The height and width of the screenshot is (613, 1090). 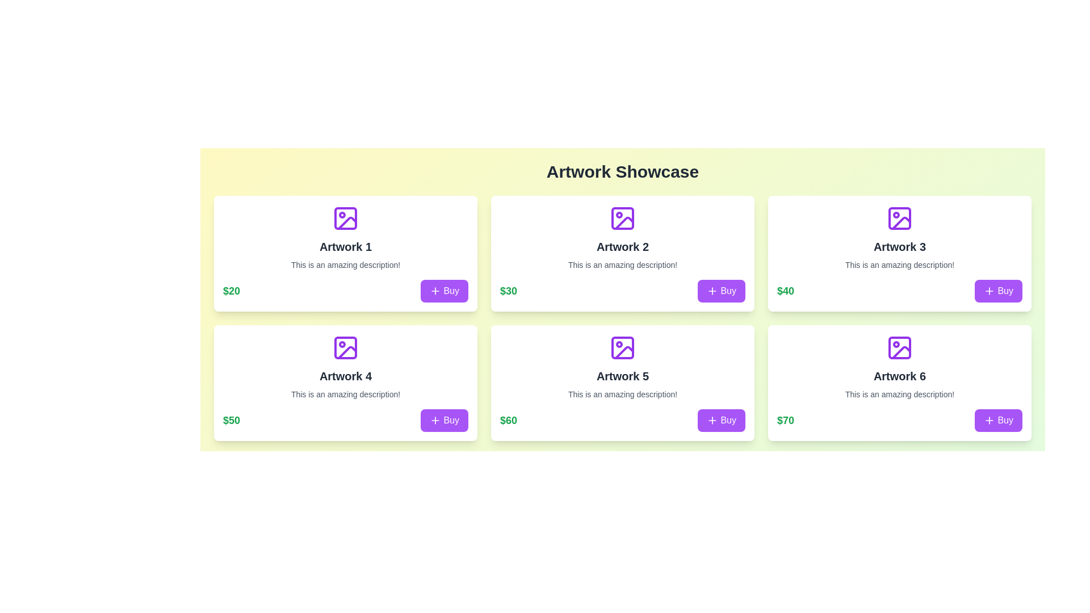 I want to click on the price displayed as '$40' in green text next to the purple 'Buy' button with a '+' icon, located within the 'Artwork 3' card, so click(x=899, y=291).